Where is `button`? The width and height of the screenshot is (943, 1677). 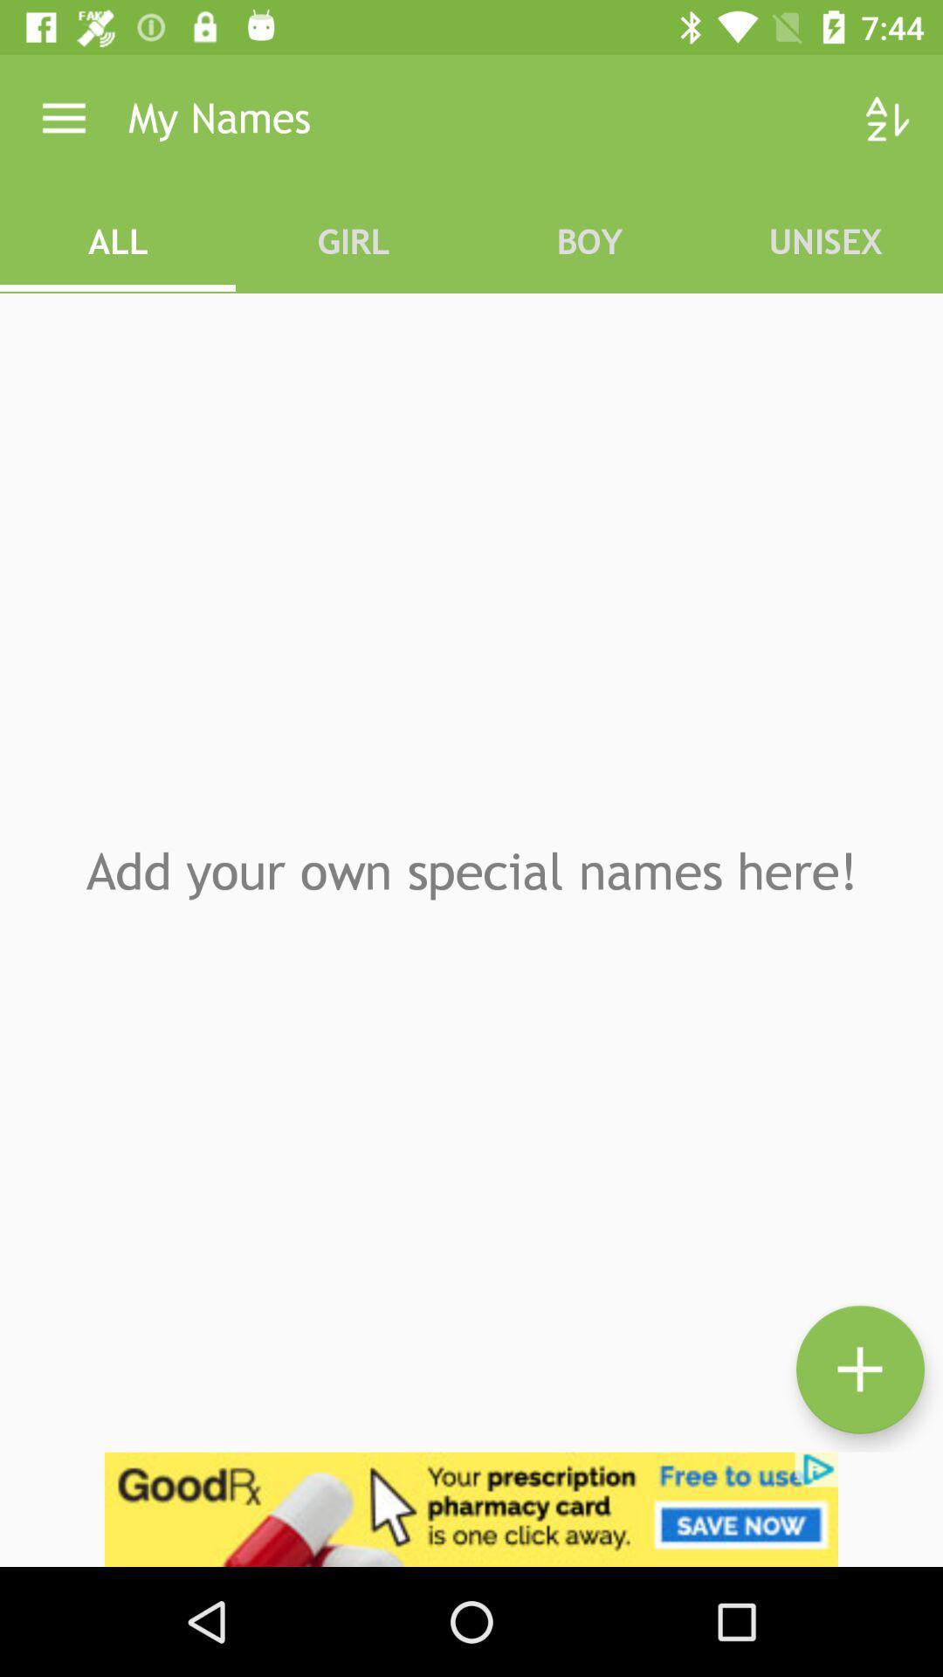 button is located at coordinates (859, 1369).